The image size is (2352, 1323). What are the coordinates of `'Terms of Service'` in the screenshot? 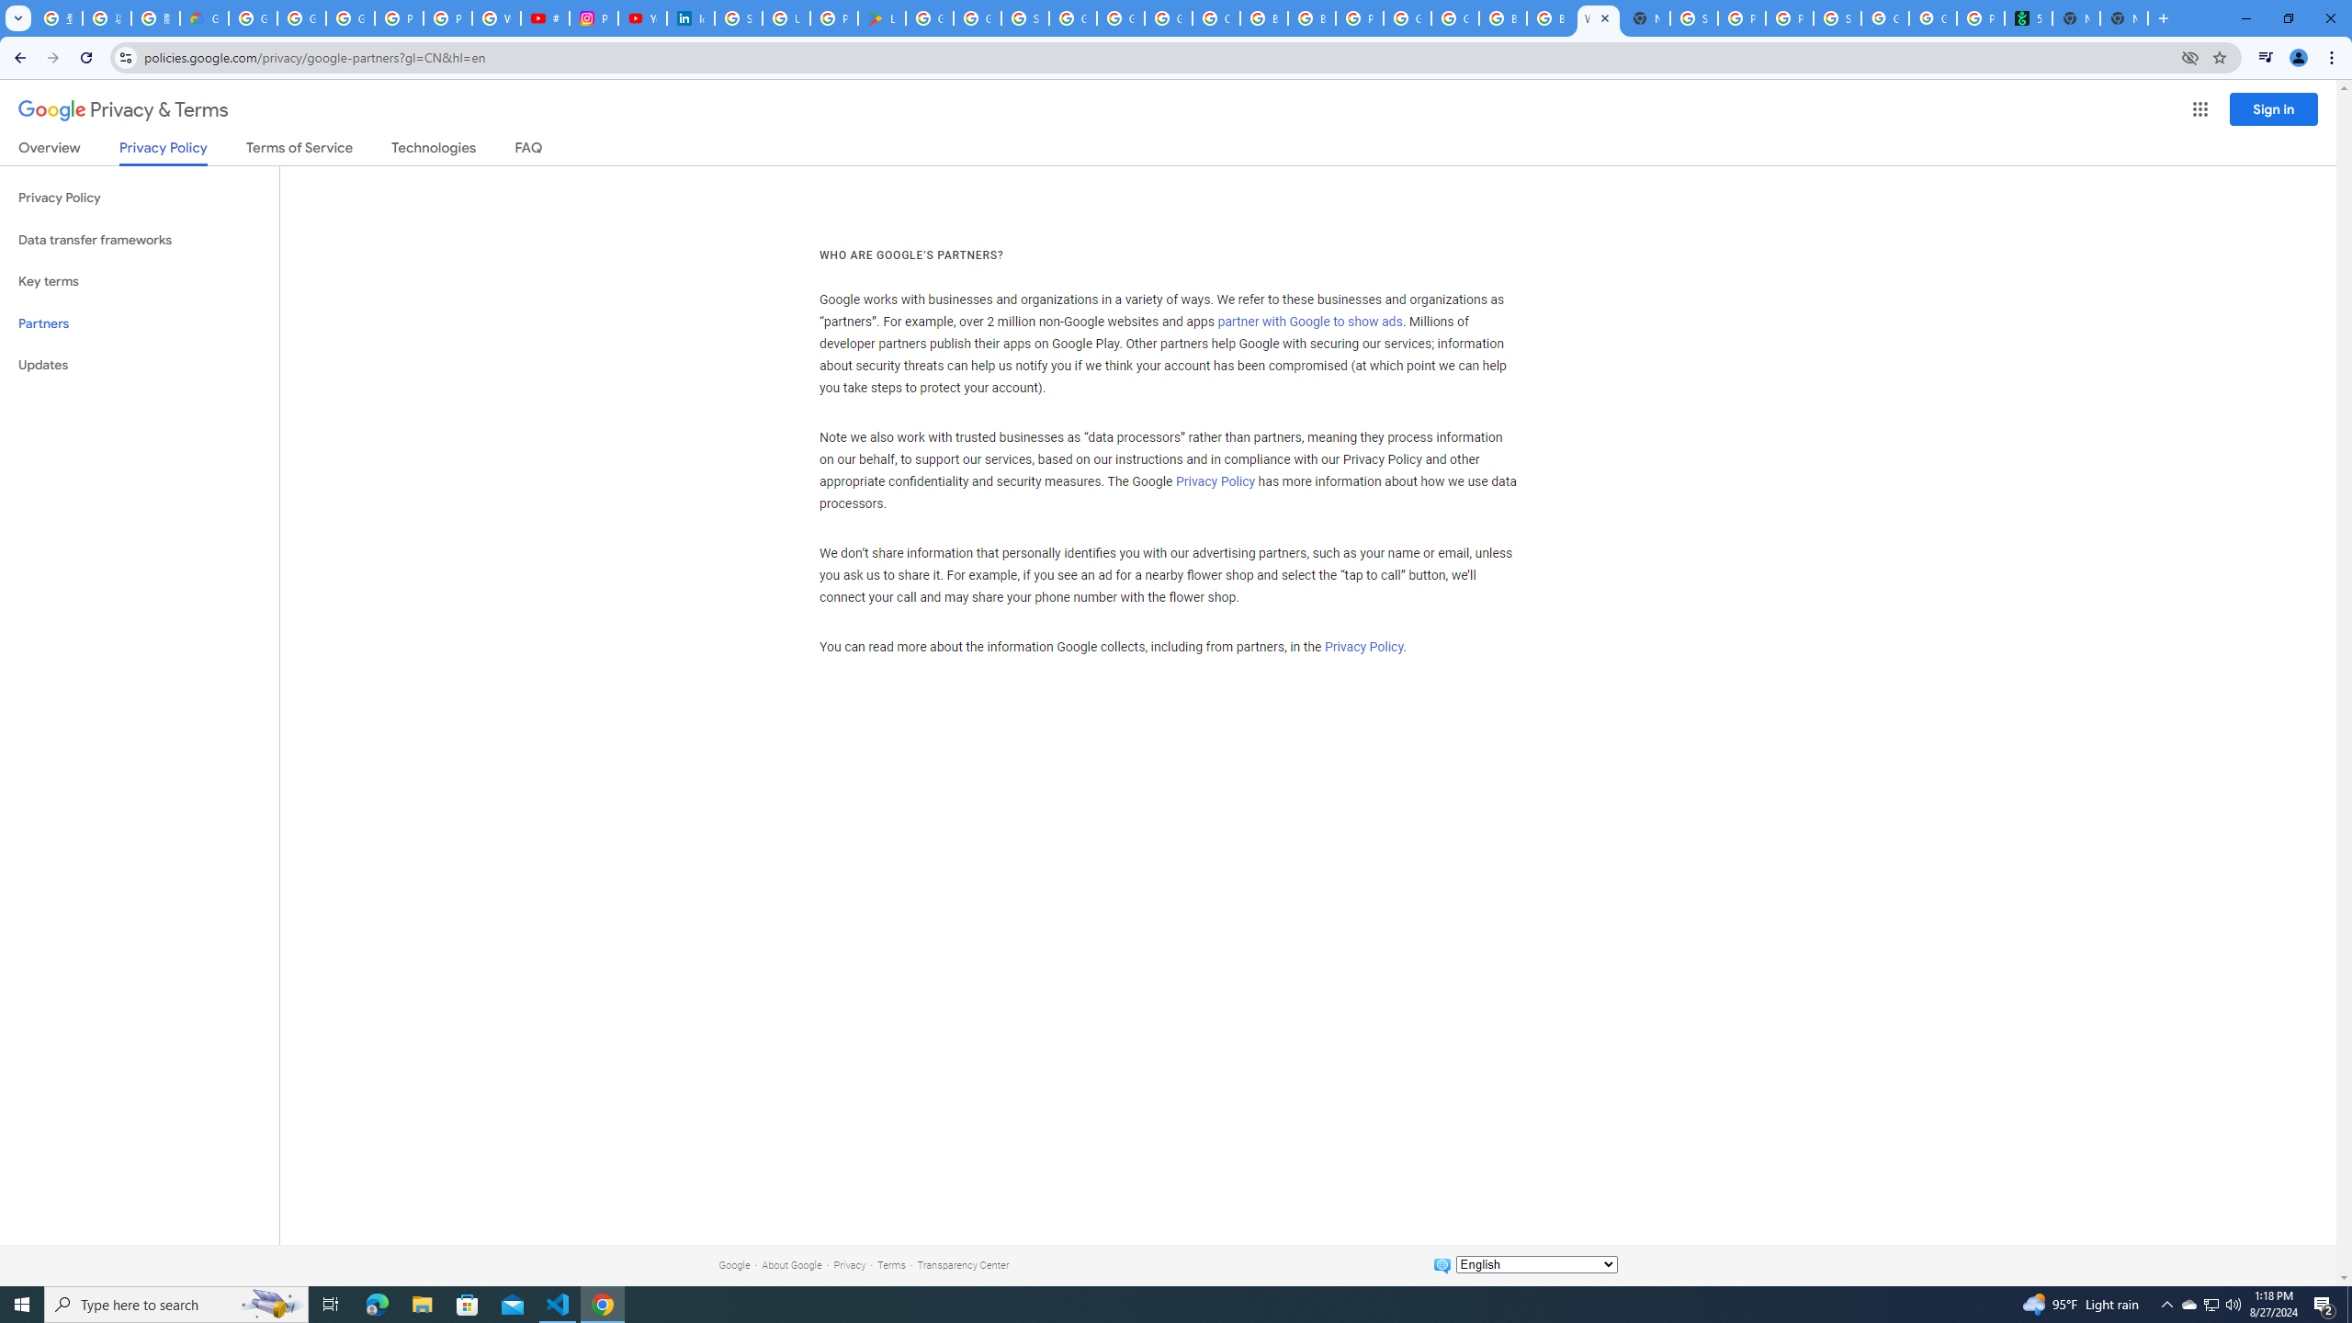 It's located at (299, 151).